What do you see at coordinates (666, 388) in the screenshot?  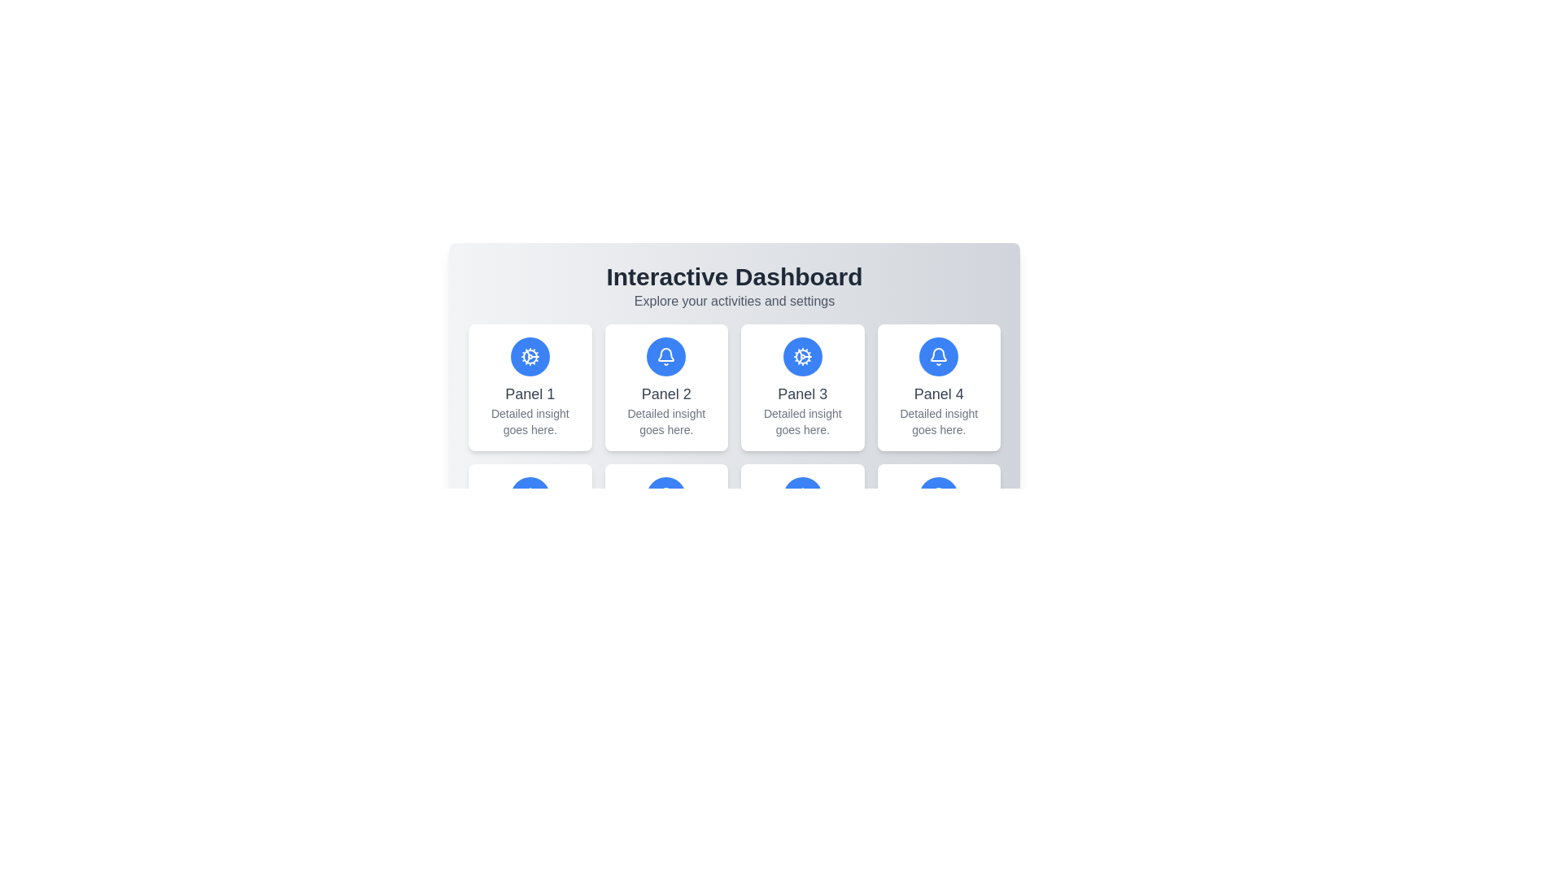 I see `the non-interactive panel located in the first row, second column of the dashboard, which is visually informative and situated between 'Panel 1' and 'Panel 3'` at bounding box center [666, 388].